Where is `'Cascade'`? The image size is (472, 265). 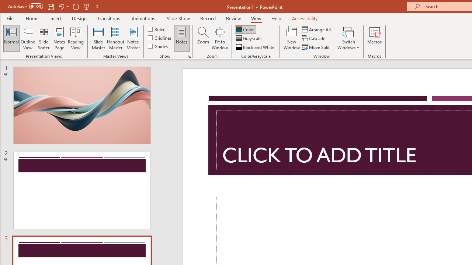
'Cascade' is located at coordinates (315, 38).